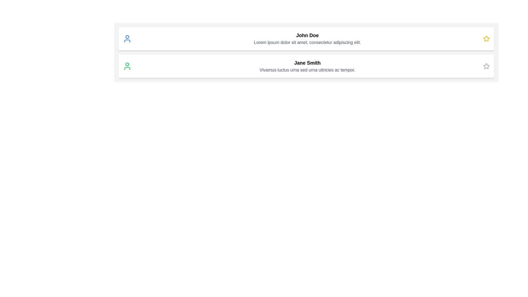 This screenshot has width=528, height=297. Describe the element at coordinates (307, 70) in the screenshot. I see `the label or text element that displays secondary information beneath 'Jane Smith' in the vertically listed interface` at that location.